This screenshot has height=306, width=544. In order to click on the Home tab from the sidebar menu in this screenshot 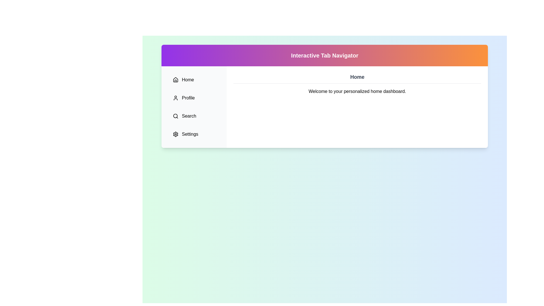, I will do `click(194, 80)`.